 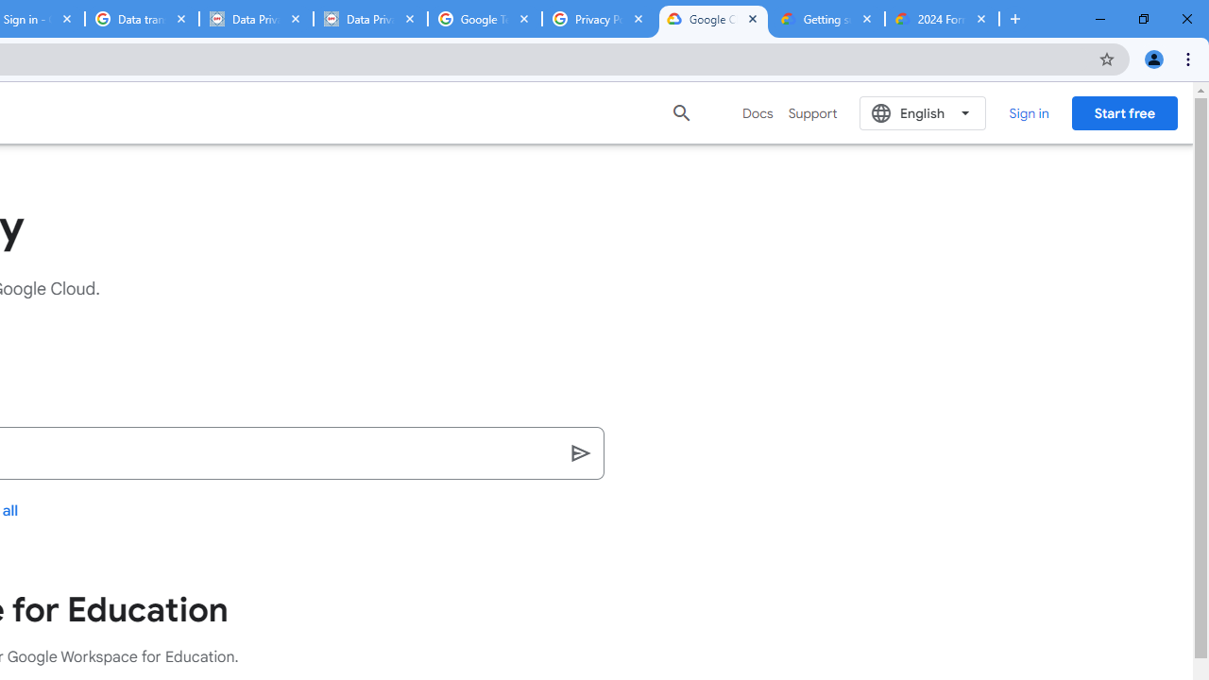 I want to click on 'Support', so click(x=812, y=112).